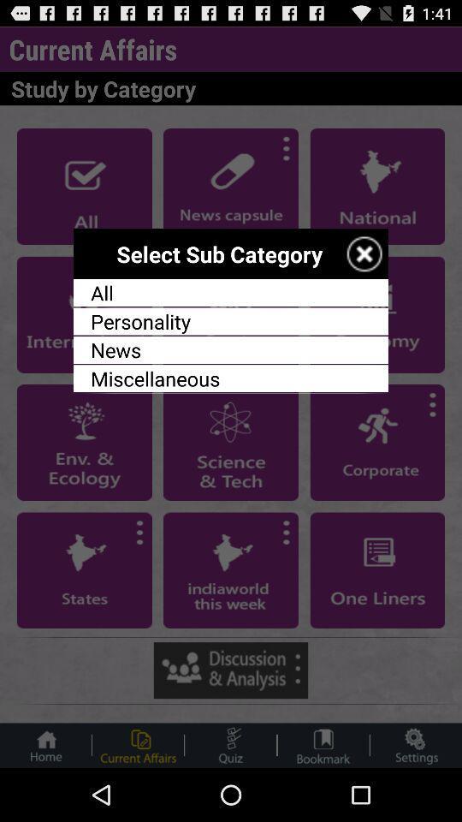 The width and height of the screenshot is (462, 822). I want to click on news icon, so click(231, 348).